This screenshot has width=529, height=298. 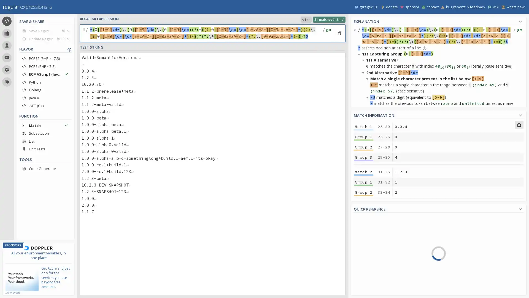 I want to click on Collapse Subtree, so click(x=364, y=290).